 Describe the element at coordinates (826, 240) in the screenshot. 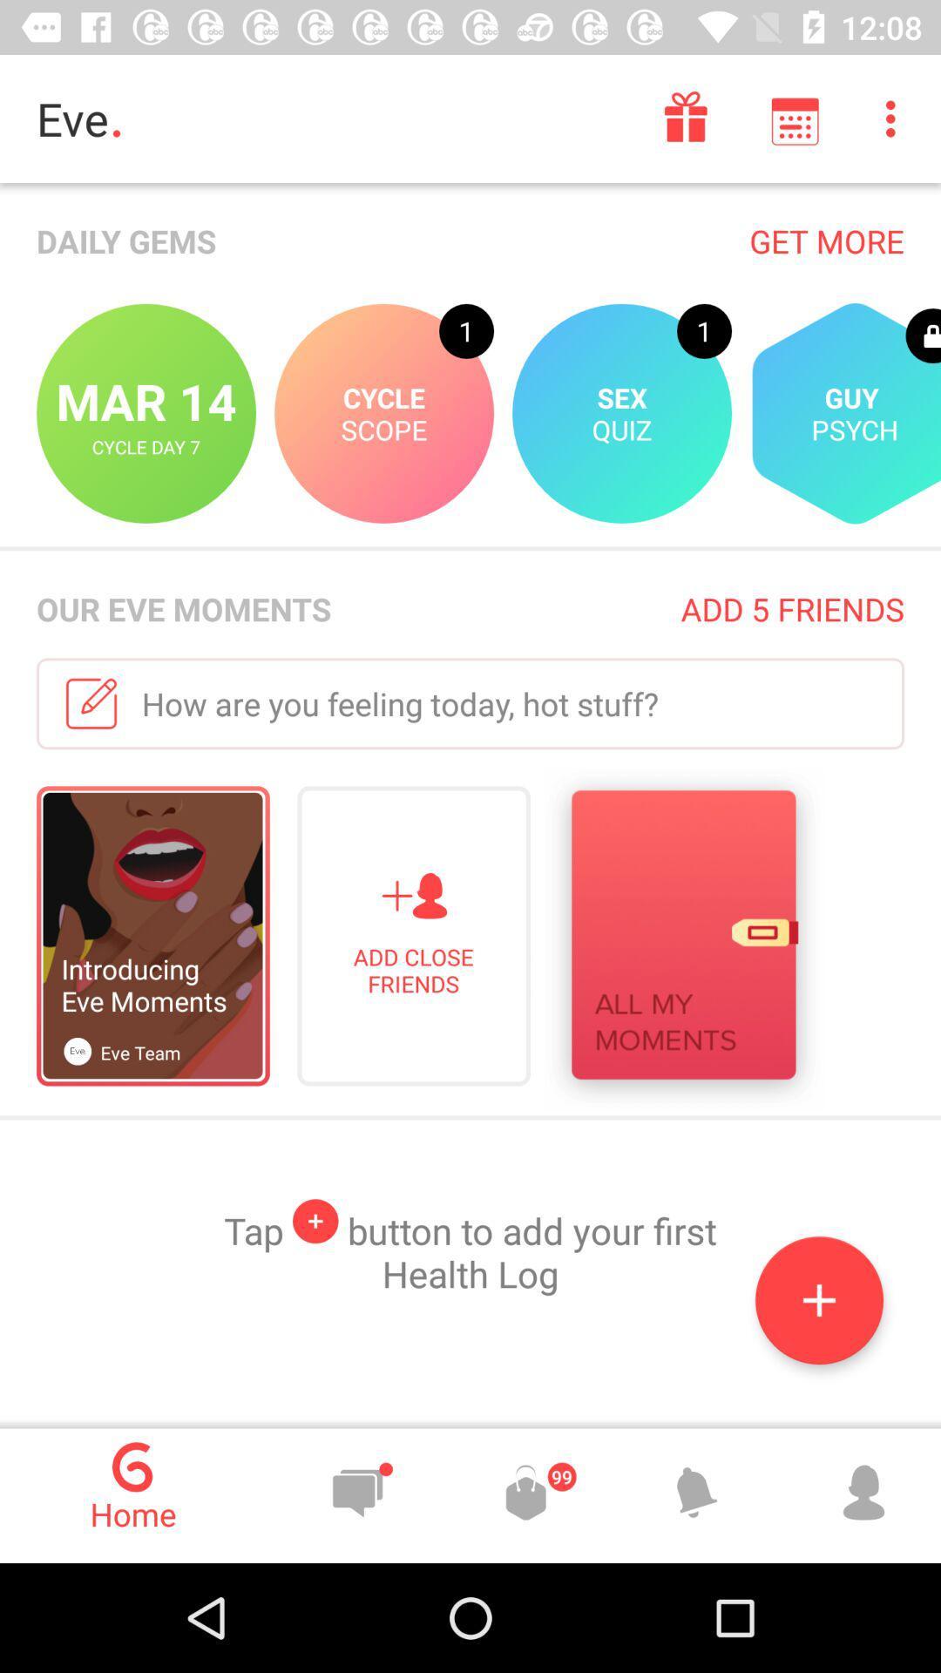

I see `get more` at that location.